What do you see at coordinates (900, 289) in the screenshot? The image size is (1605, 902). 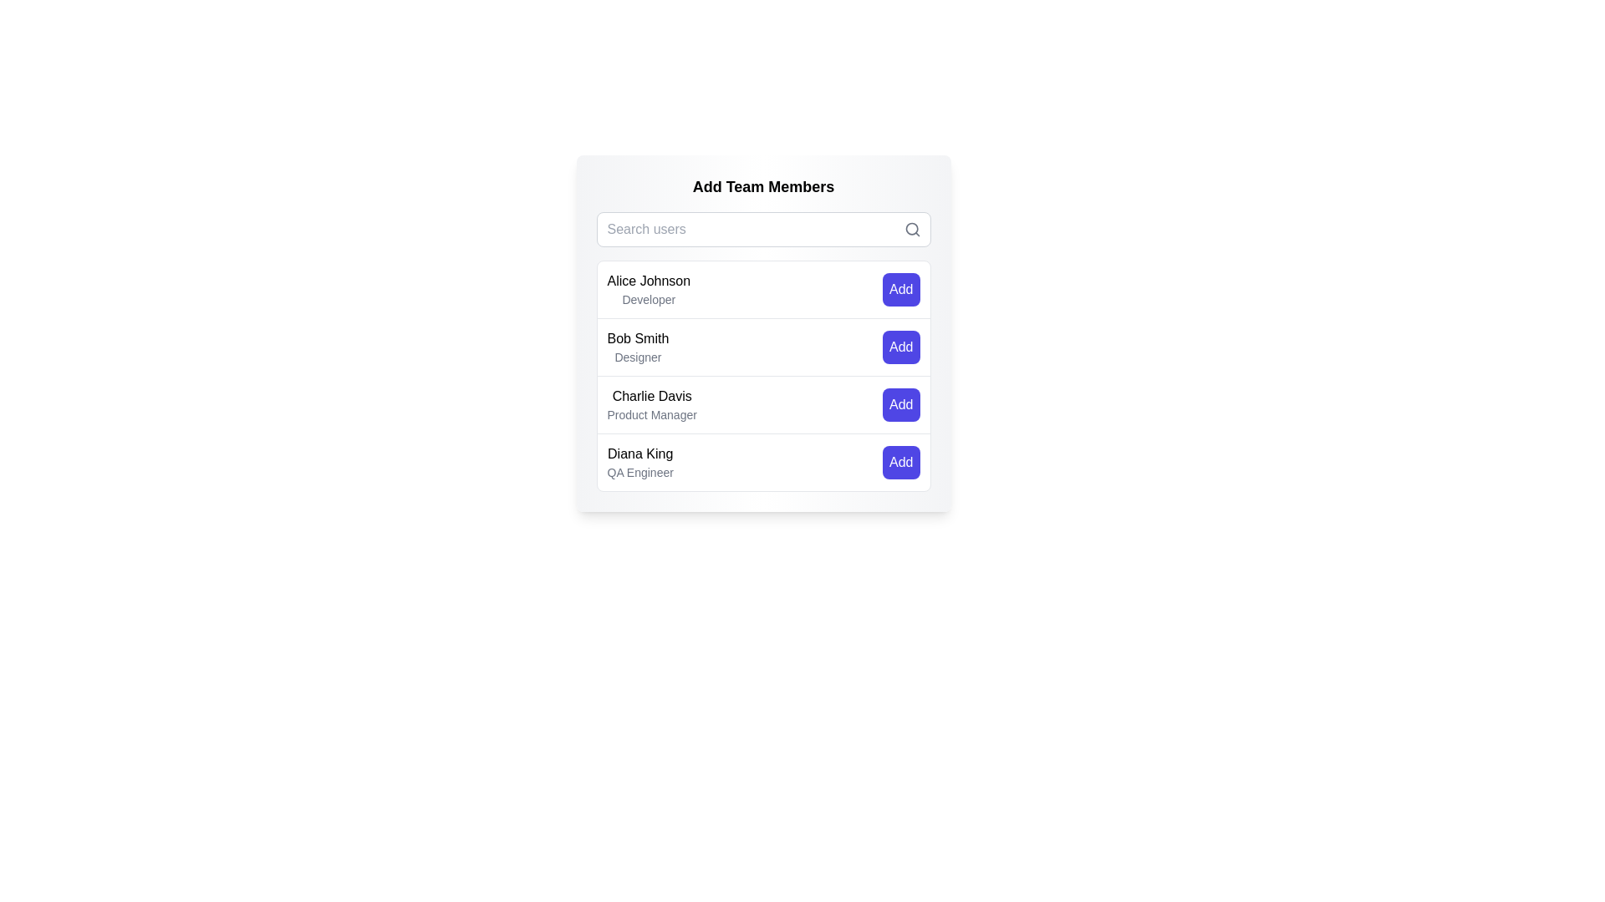 I see `the 'Add' button located at the right side of the 'Alice Johnson Developer' entry` at bounding box center [900, 289].